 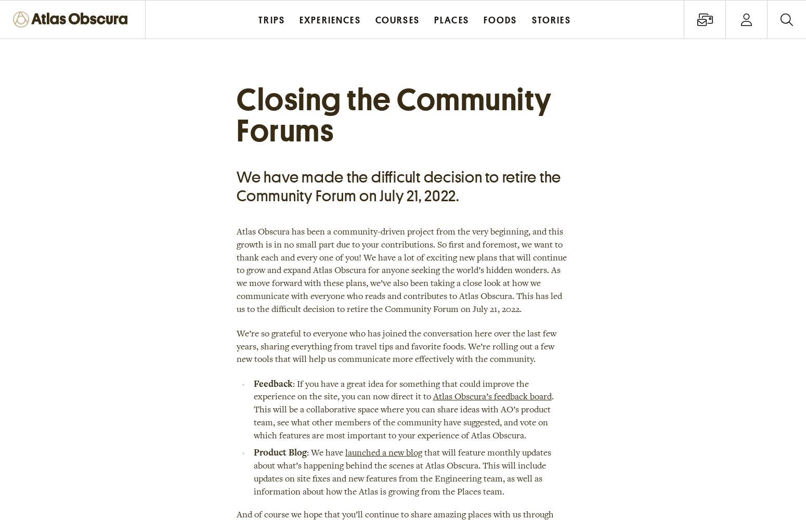 What do you see at coordinates (398, 186) in the screenshot?
I see `'We have made the difficult decision to retire the Community Forum on July 21, 2022.'` at bounding box center [398, 186].